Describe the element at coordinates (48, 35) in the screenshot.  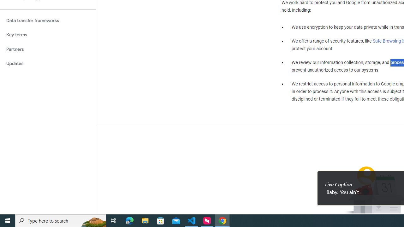
I see `'Key terms'` at that location.